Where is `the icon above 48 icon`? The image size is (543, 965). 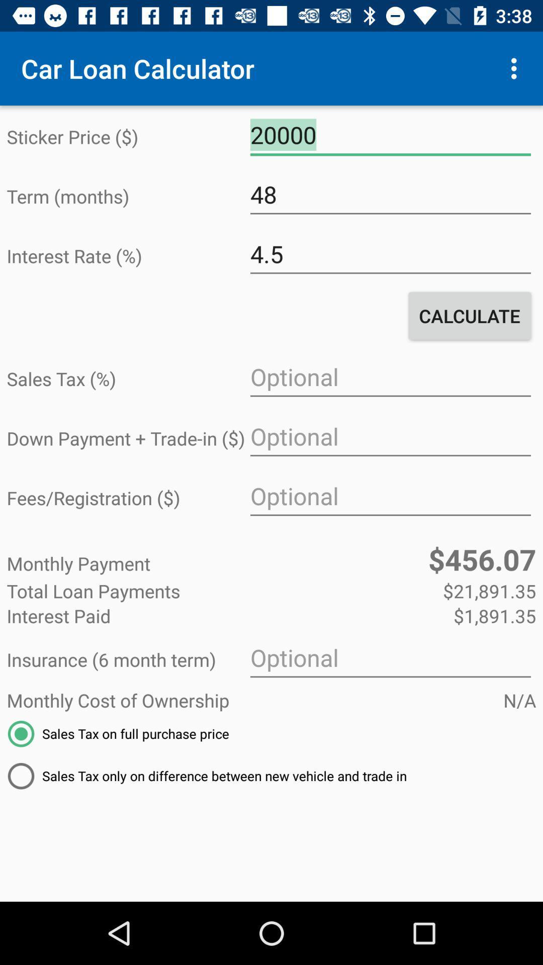 the icon above 48 icon is located at coordinates (390, 135).